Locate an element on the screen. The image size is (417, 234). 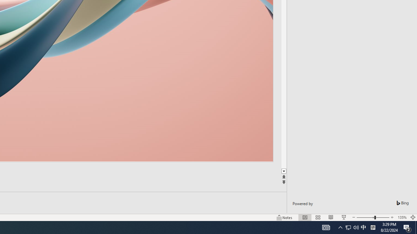
'Line down' is located at coordinates (284, 171).